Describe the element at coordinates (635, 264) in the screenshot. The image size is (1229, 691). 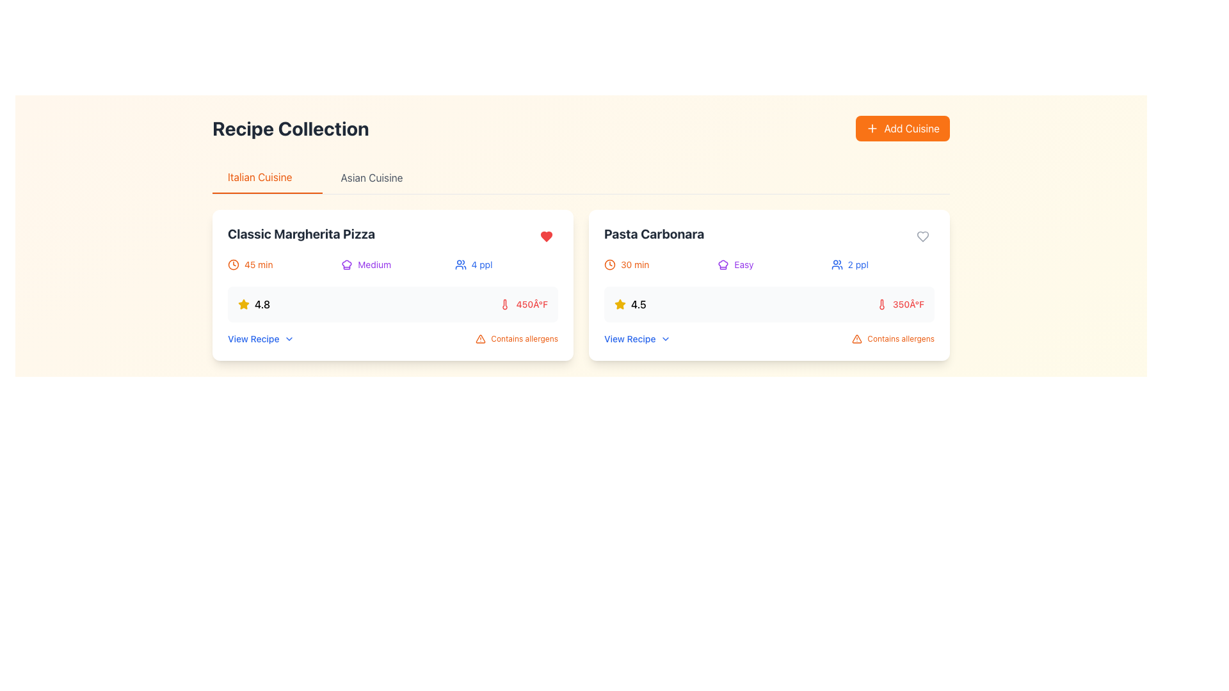
I see `the text label displaying '30 min' in orange text, which is located to the right of a clock icon in the second recipe card titled 'Pasta Carbonara'` at that location.